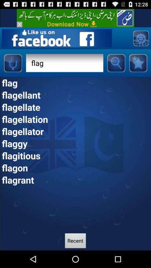  What do you see at coordinates (19, 24) in the screenshot?
I see `advertisement button` at bounding box center [19, 24].